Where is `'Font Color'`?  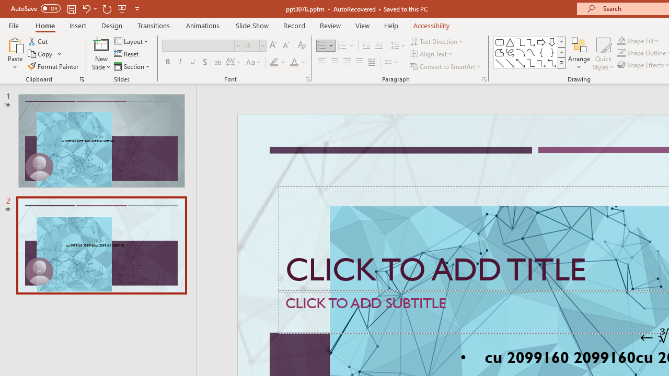
'Font Color' is located at coordinates (297, 62).